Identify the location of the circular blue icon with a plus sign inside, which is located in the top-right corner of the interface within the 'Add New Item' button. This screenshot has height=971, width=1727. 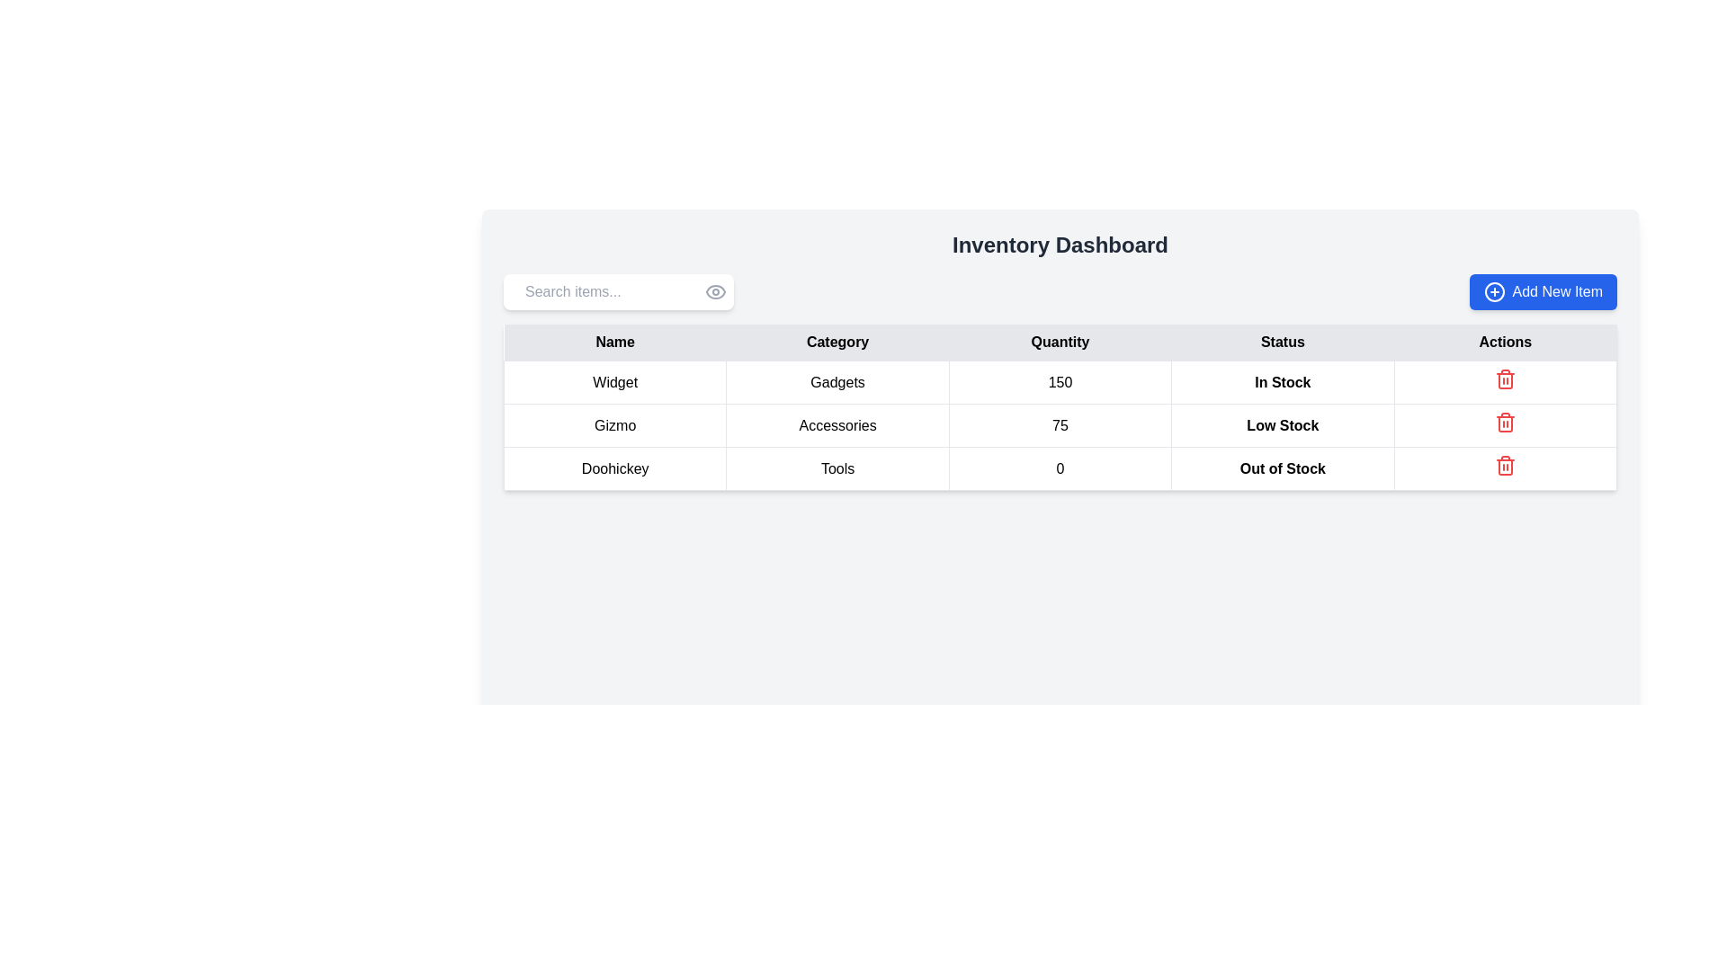
(1494, 290).